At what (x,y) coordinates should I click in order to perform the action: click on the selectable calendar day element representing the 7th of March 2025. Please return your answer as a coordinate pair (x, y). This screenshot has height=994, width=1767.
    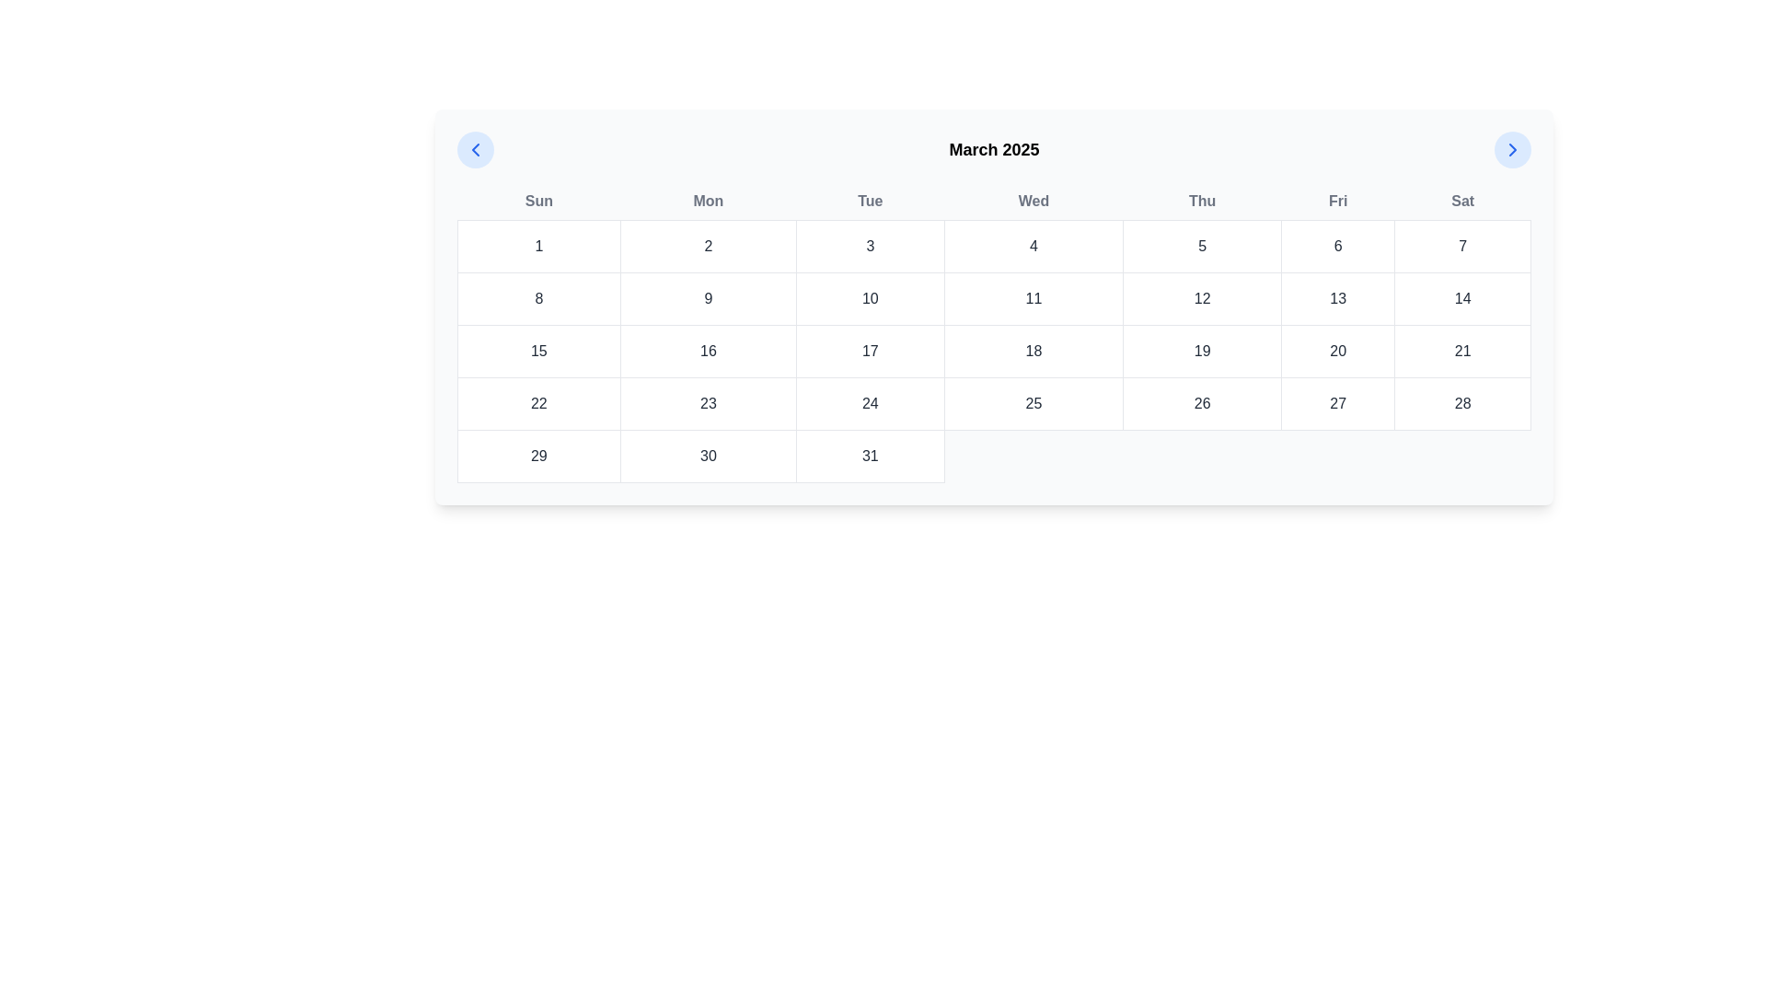
    Looking at the image, I should click on (1461, 245).